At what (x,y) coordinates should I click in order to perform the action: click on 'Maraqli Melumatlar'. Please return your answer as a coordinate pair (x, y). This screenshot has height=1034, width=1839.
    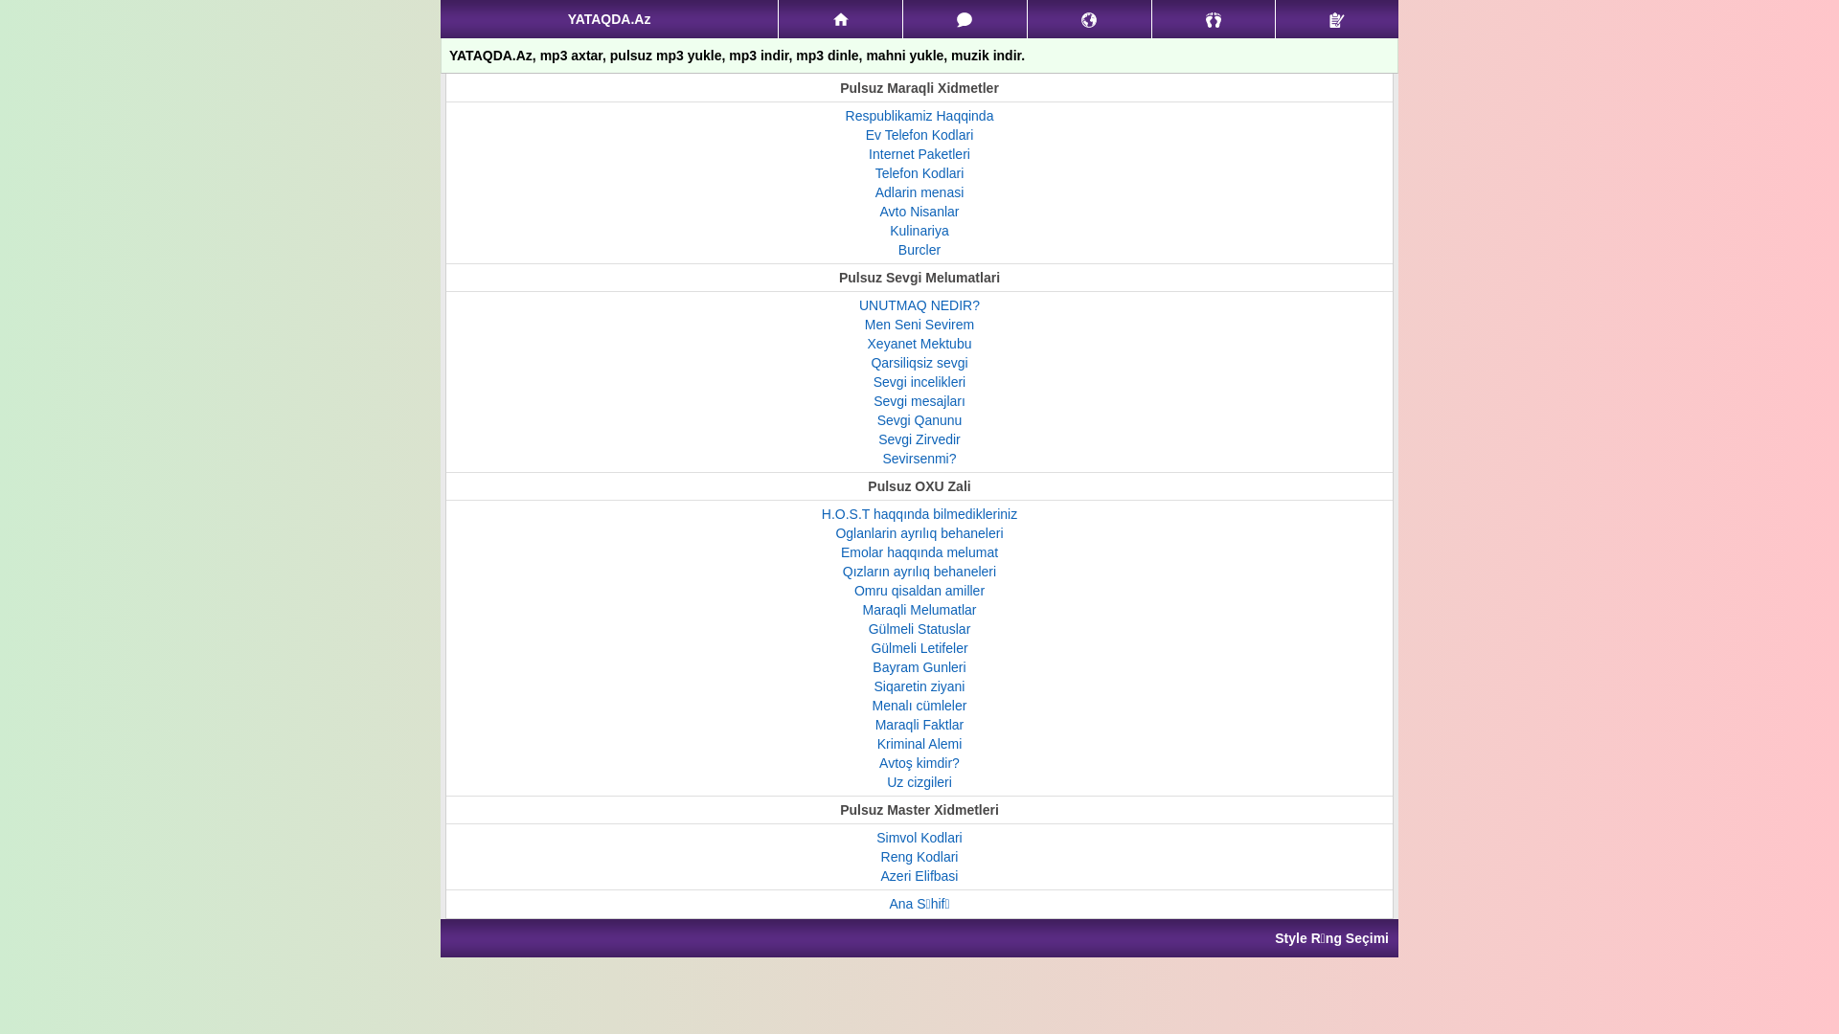
    Looking at the image, I should click on (861, 609).